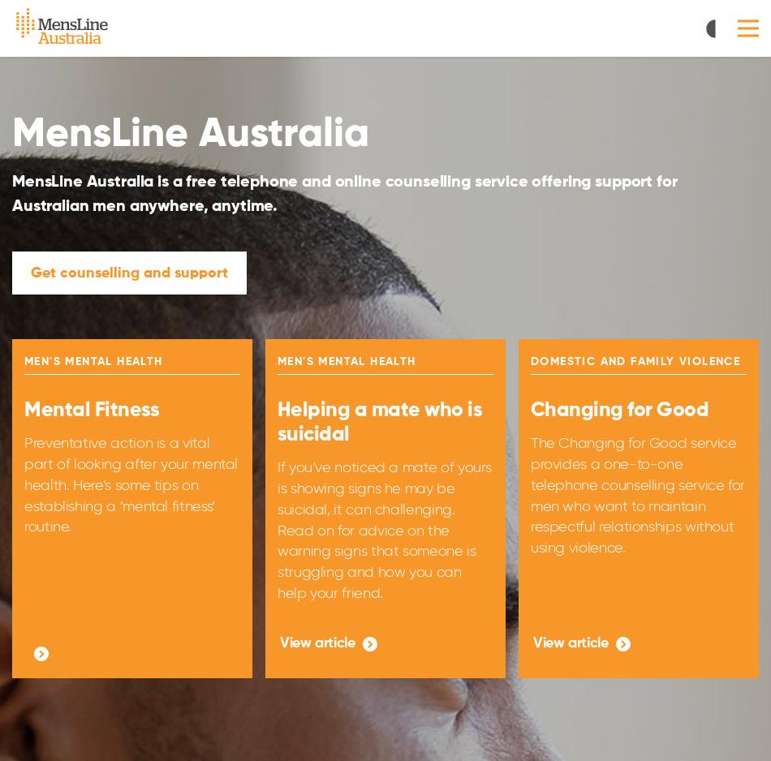  I want to click on 'Preventative action is a vital part of looking after your mental health. Here’s some tips on establishing a ‘mental fitness’ routine.', so click(131, 484).